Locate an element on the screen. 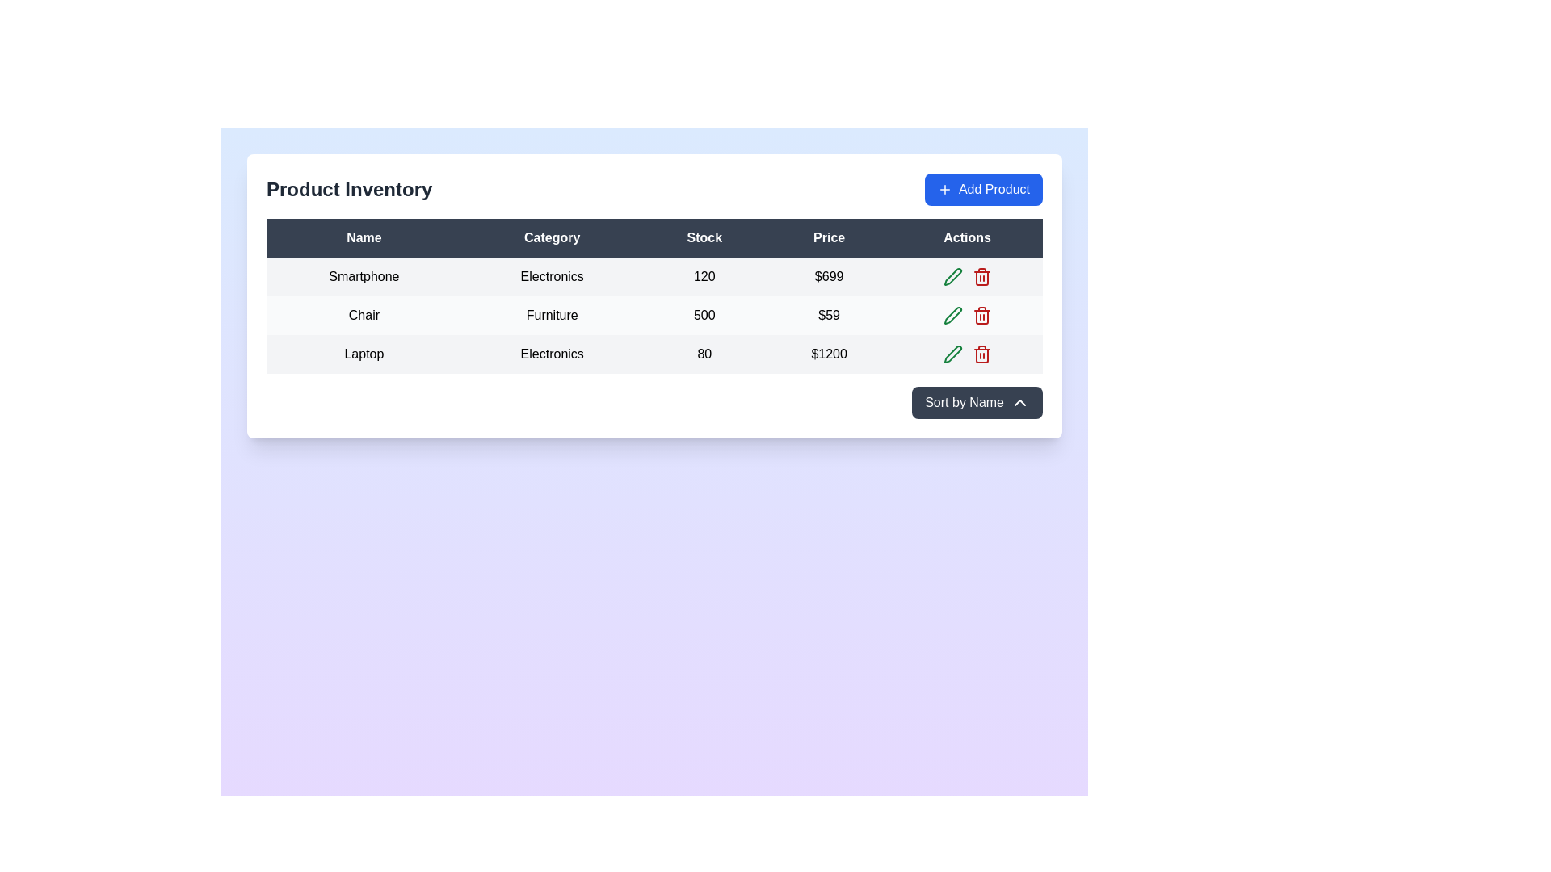  the green pencil icon in the Actions column of the second row of the table labeled 'Chair' is located at coordinates (967, 315).